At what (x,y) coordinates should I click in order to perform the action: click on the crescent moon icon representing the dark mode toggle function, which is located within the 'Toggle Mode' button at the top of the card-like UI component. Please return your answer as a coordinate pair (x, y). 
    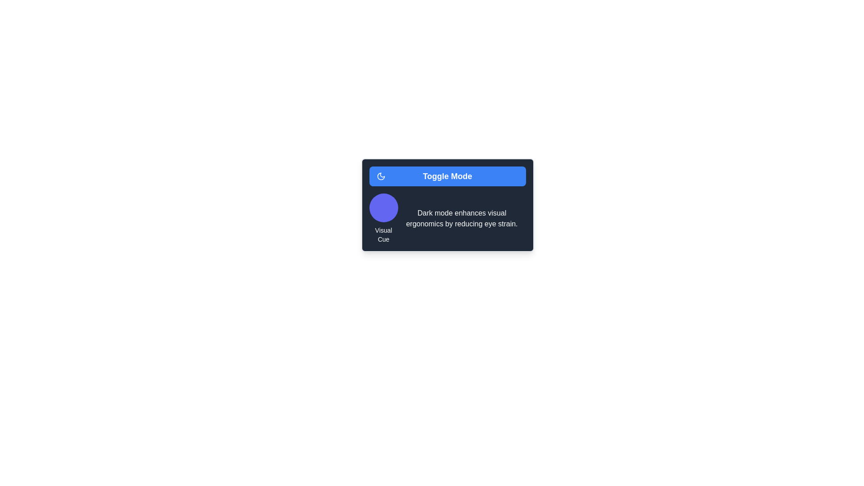
    Looking at the image, I should click on (381, 176).